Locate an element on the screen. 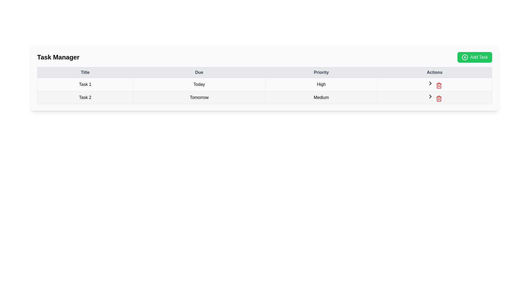  the 'Actions' column header, which is a rectangular element with a gray background and bold, black font, positioned as the last column in a four-column table is located at coordinates (434, 73).